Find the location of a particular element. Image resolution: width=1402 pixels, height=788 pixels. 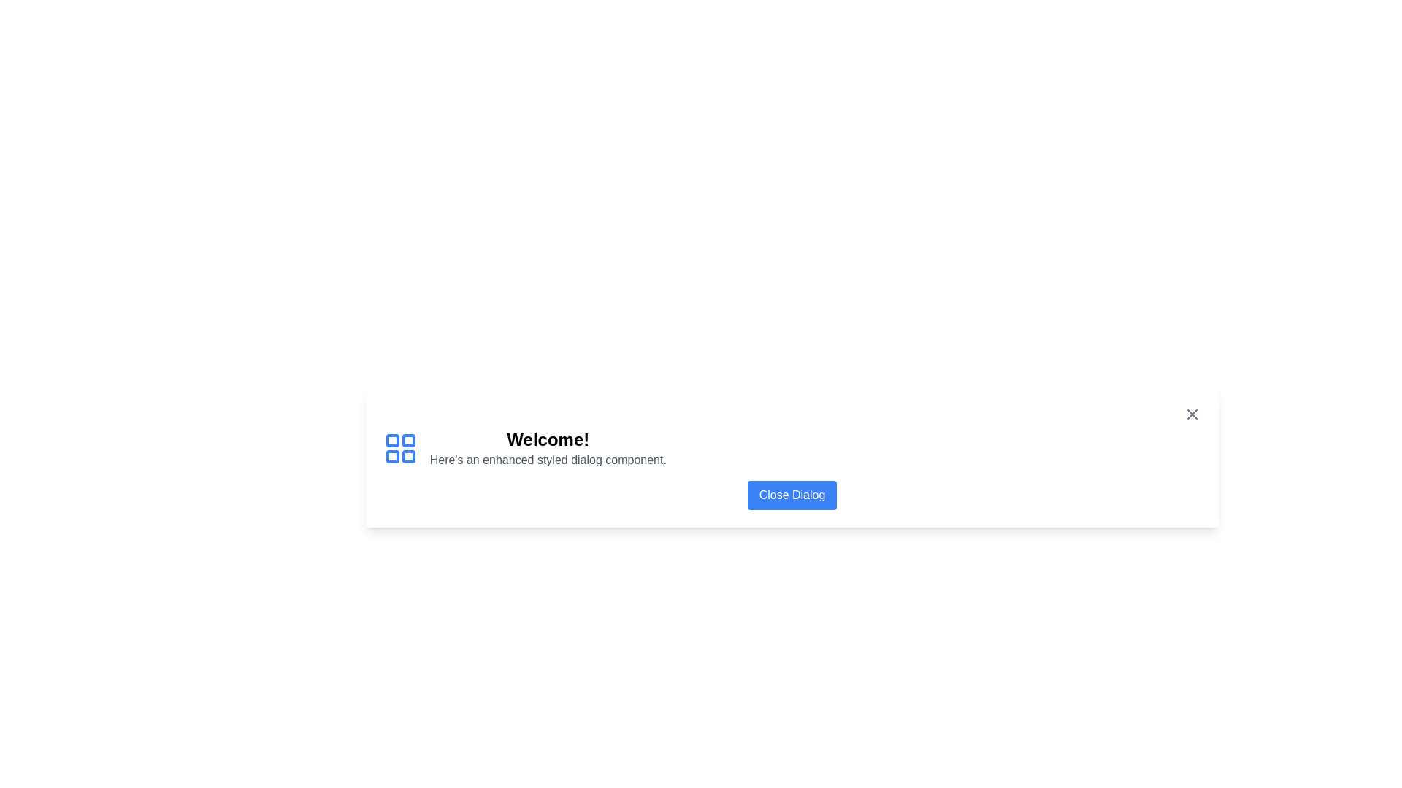

the bottom-left square of the grid icon, which is a decorative element serving a visual purpose in the dialog's branding is located at coordinates (392, 455).